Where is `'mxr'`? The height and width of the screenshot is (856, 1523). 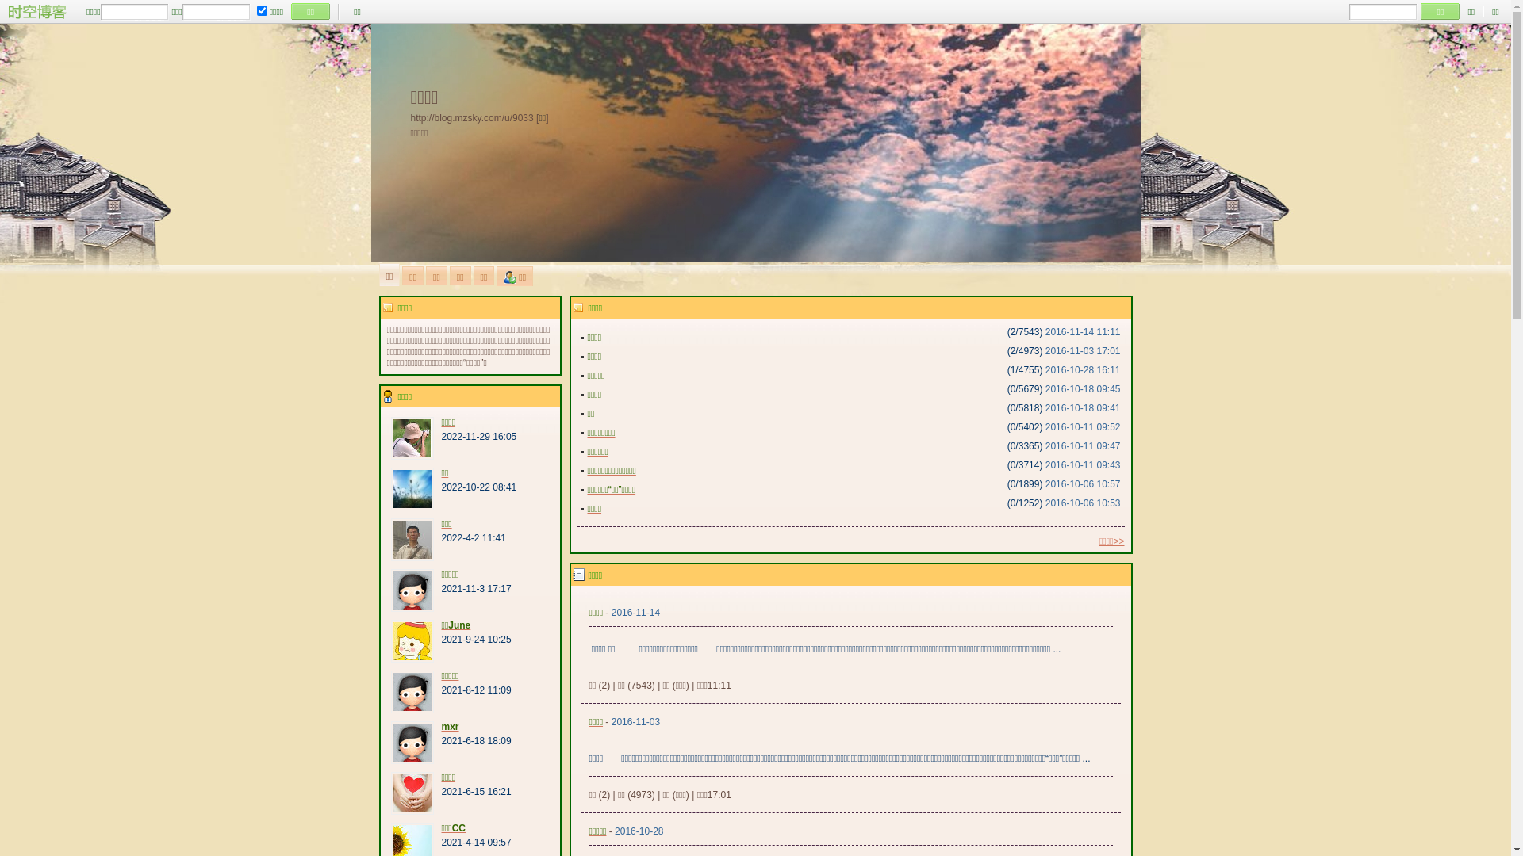 'mxr' is located at coordinates (448, 727).